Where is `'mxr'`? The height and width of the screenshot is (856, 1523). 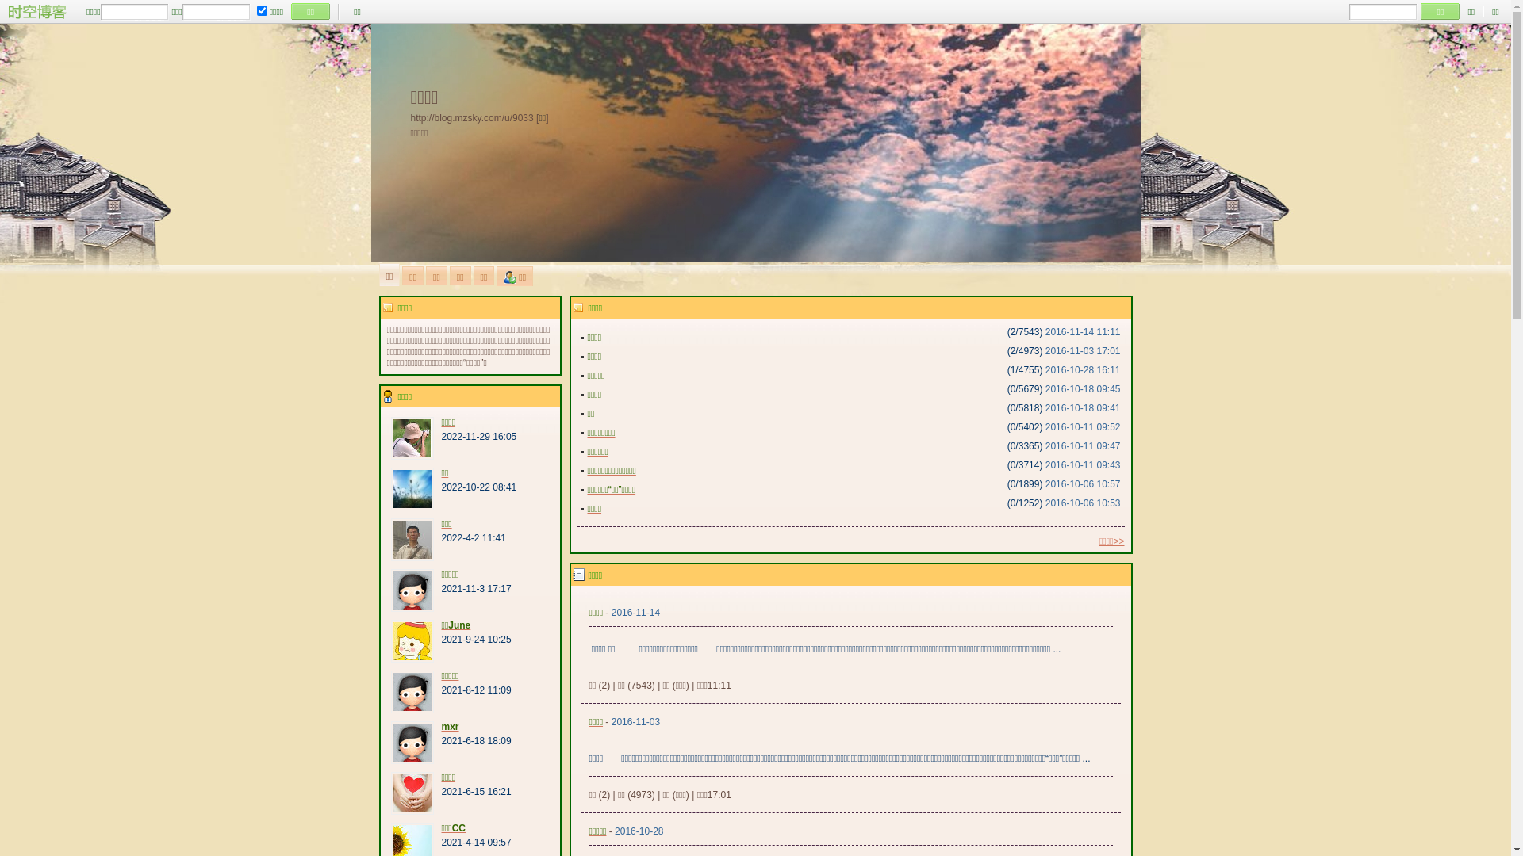 'mxr' is located at coordinates (448, 727).